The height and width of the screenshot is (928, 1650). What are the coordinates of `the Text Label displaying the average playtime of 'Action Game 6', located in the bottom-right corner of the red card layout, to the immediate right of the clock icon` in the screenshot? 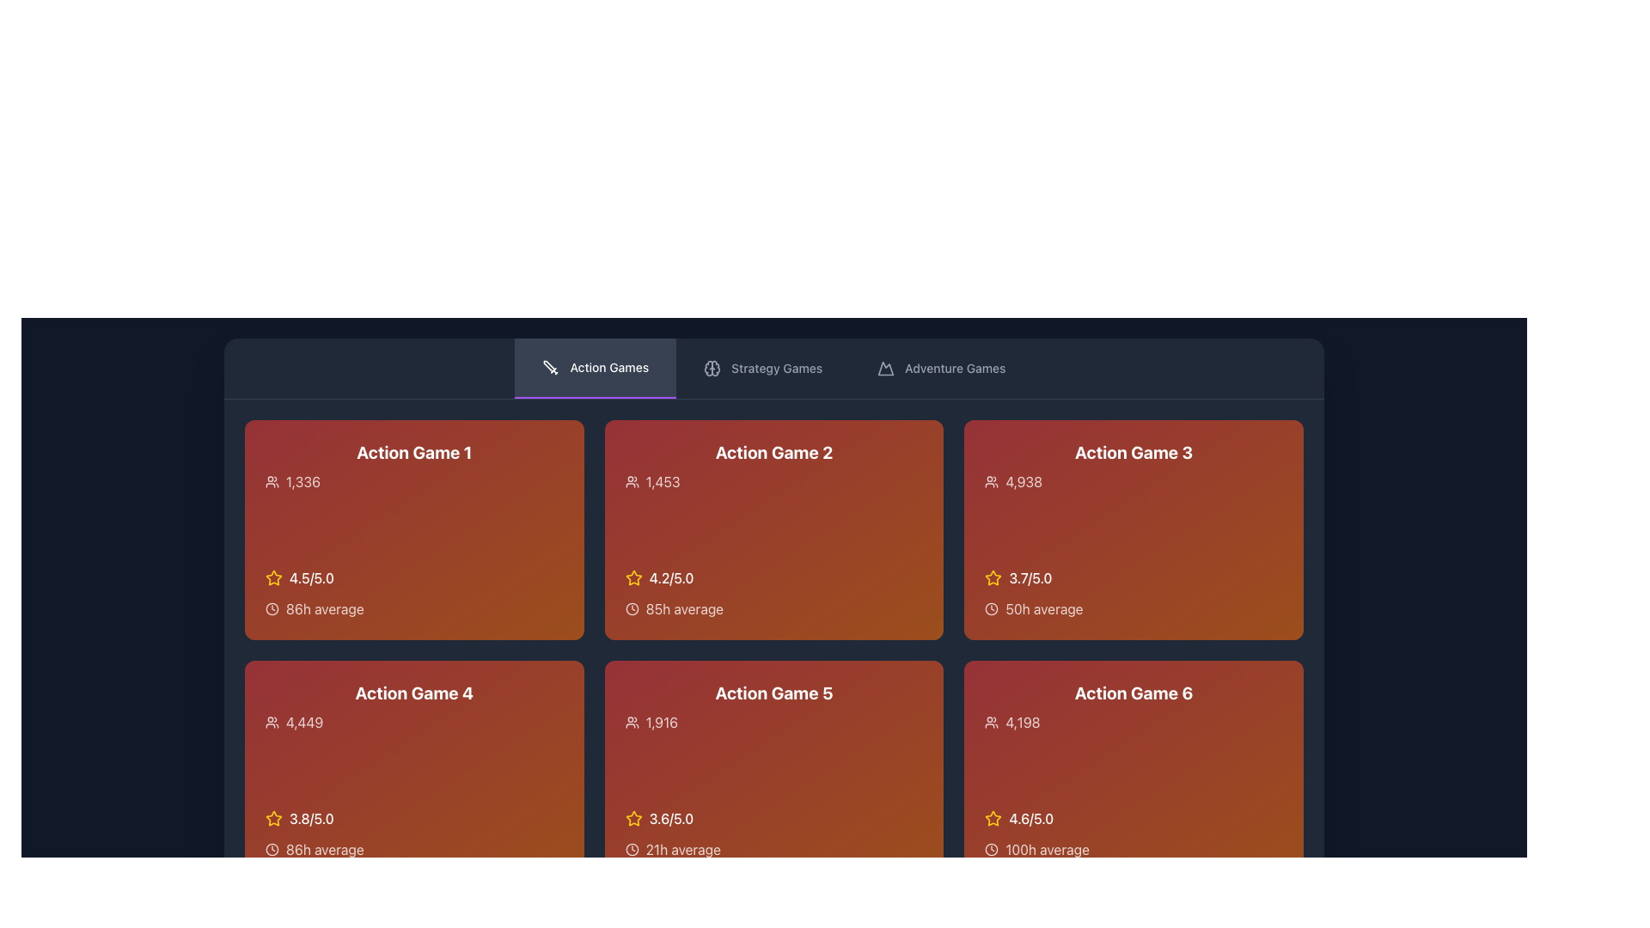 It's located at (1047, 848).